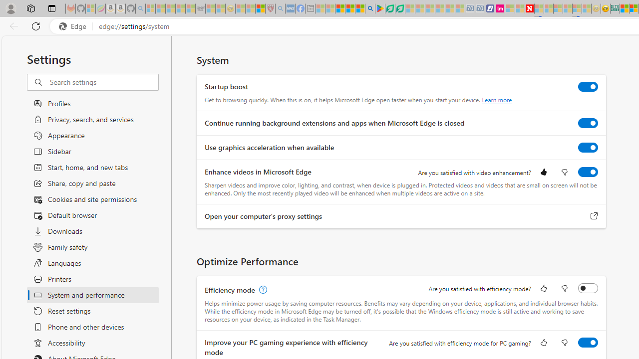 This screenshot has width=639, height=359. I want to click on 'Search settings', so click(104, 82).